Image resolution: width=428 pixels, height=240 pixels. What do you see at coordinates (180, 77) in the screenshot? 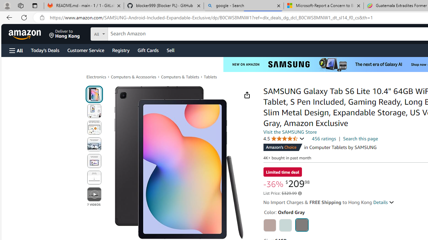
I see `'Computers & Tablets'` at bounding box center [180, 77].